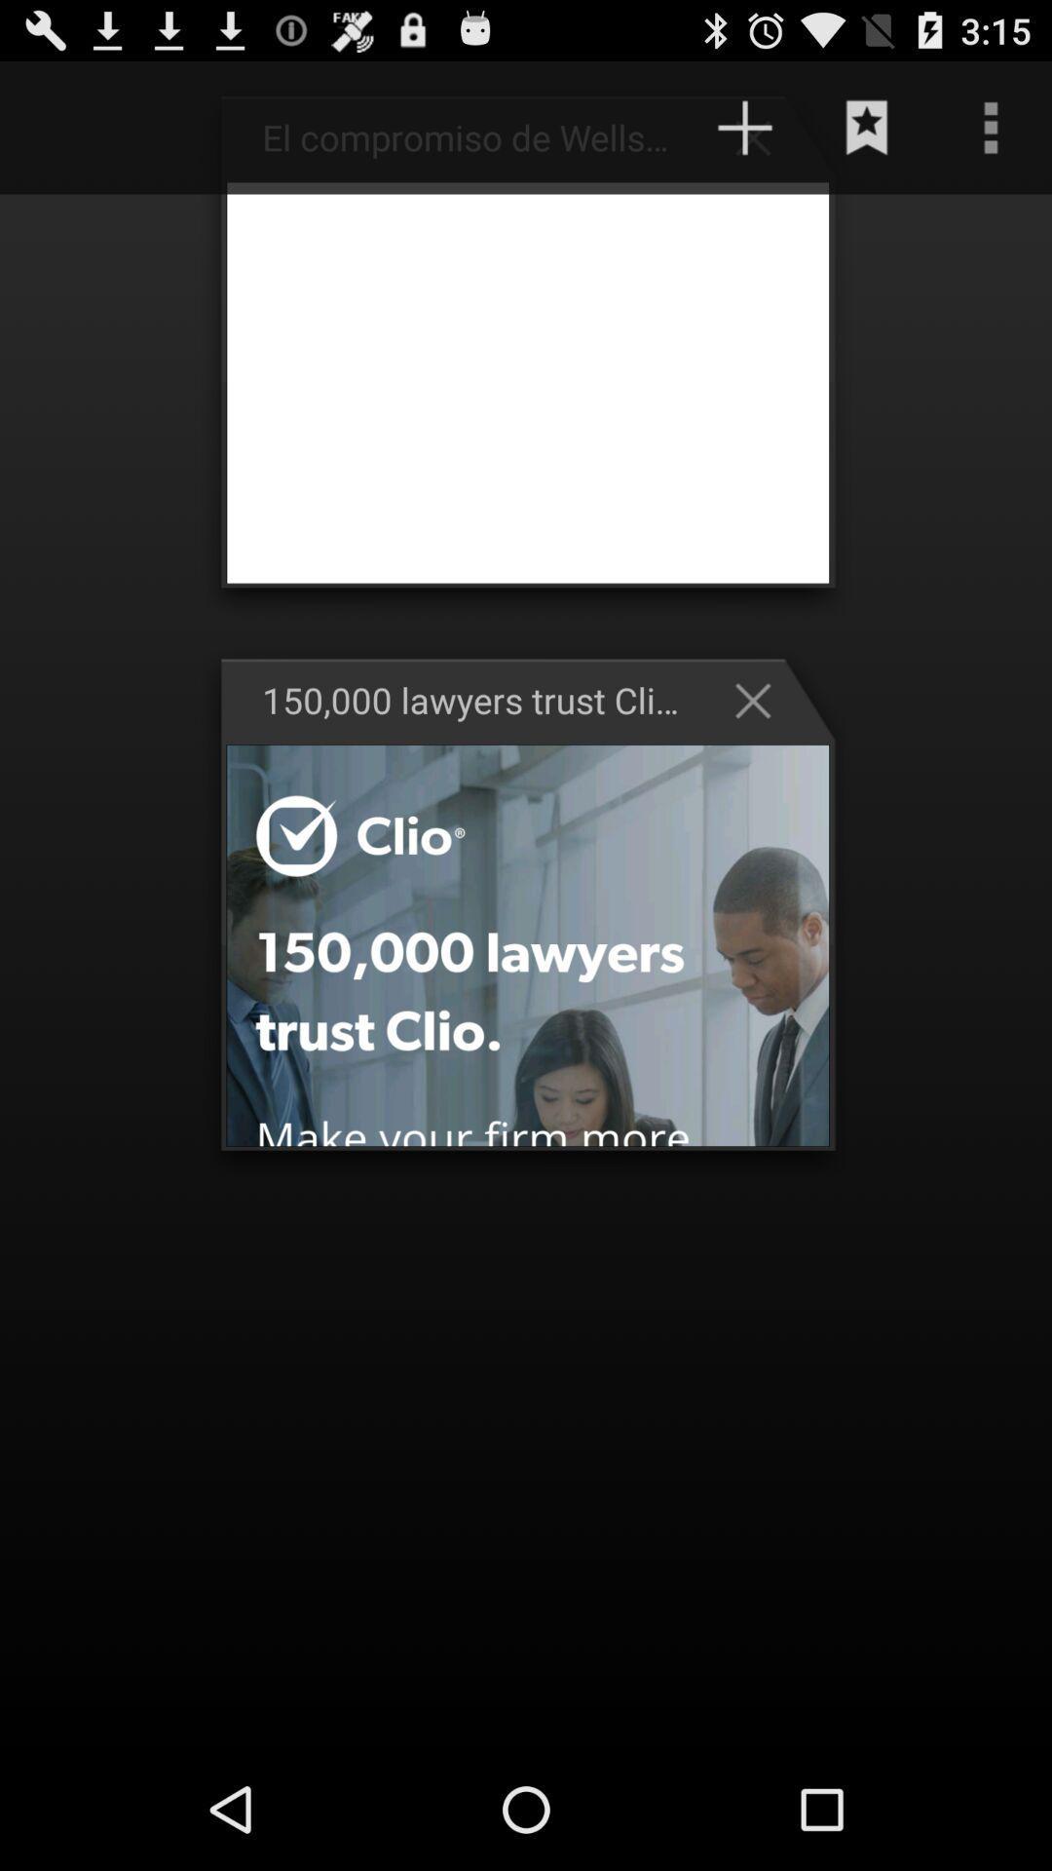  I want to click on symbol beside bookmark icon on the top of web page, so click(762, 135).